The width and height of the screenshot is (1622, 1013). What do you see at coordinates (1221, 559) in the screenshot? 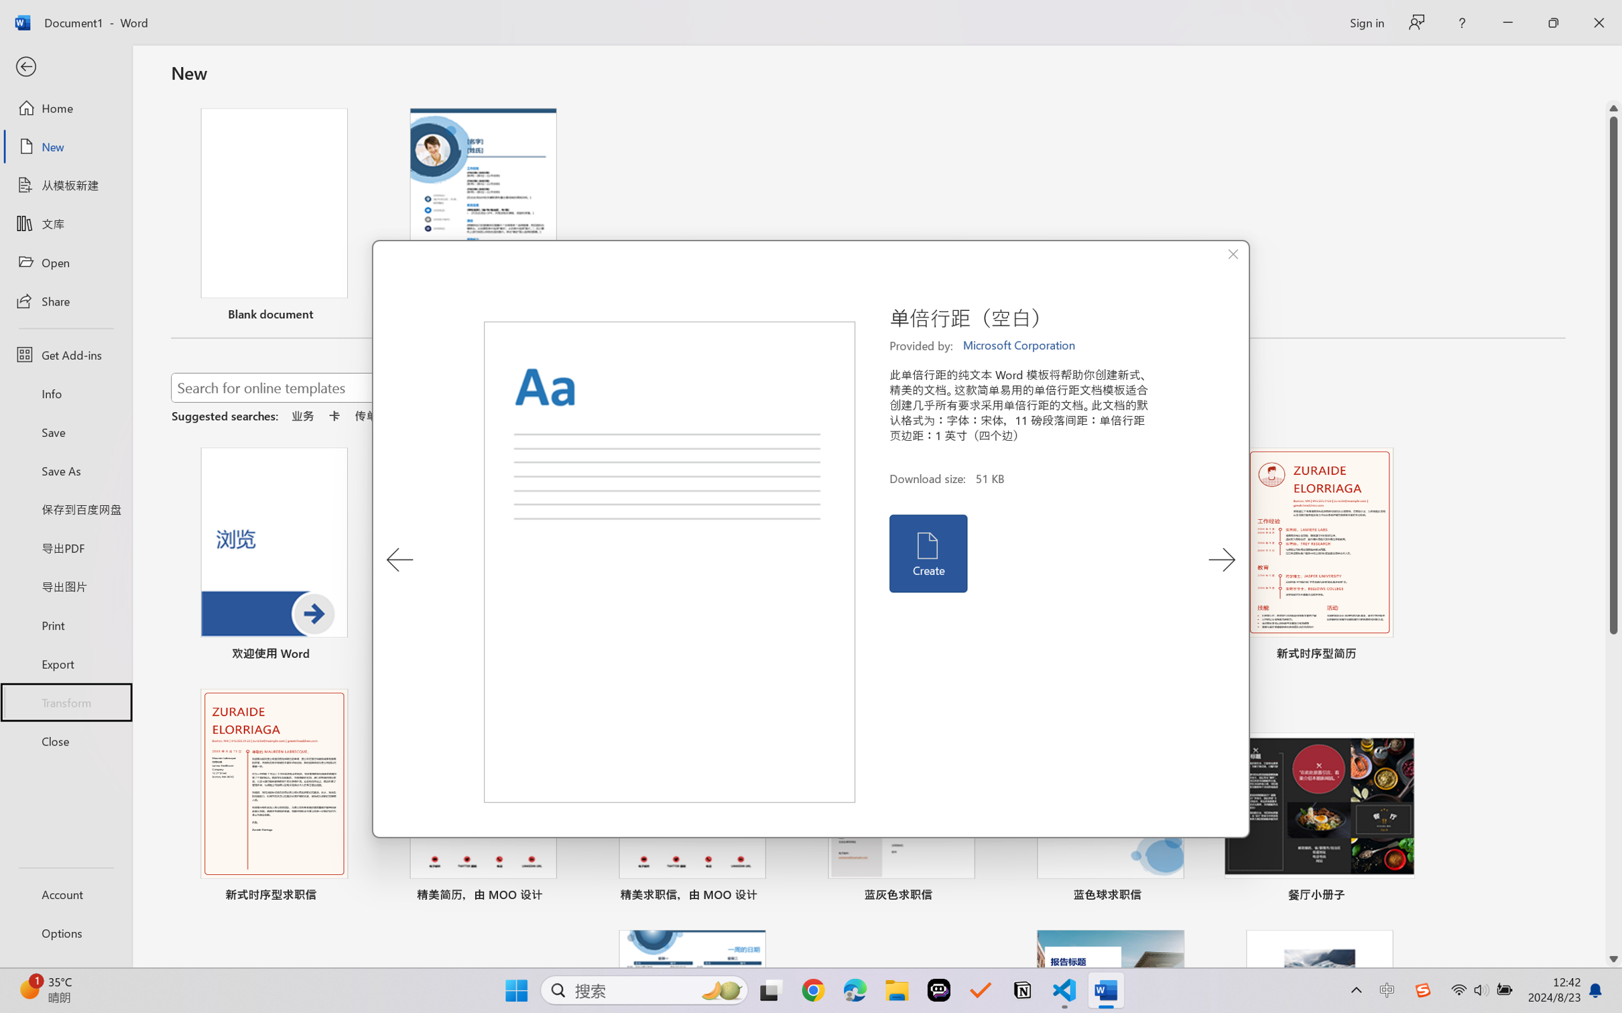
I see `'Next Template'` at bounding box center [1221, 559].